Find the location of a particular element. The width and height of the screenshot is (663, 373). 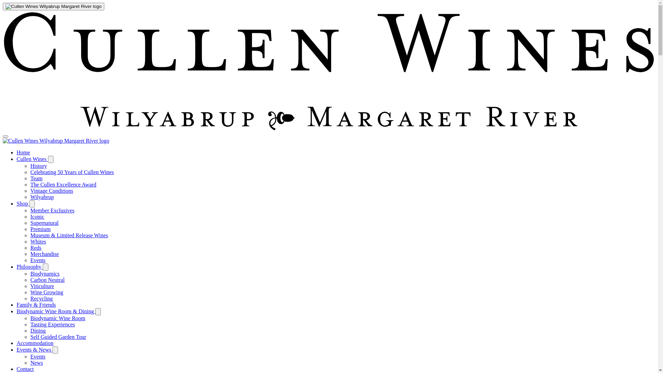

'Cullen Wines Home Page' is located at coordinates (53, 7).